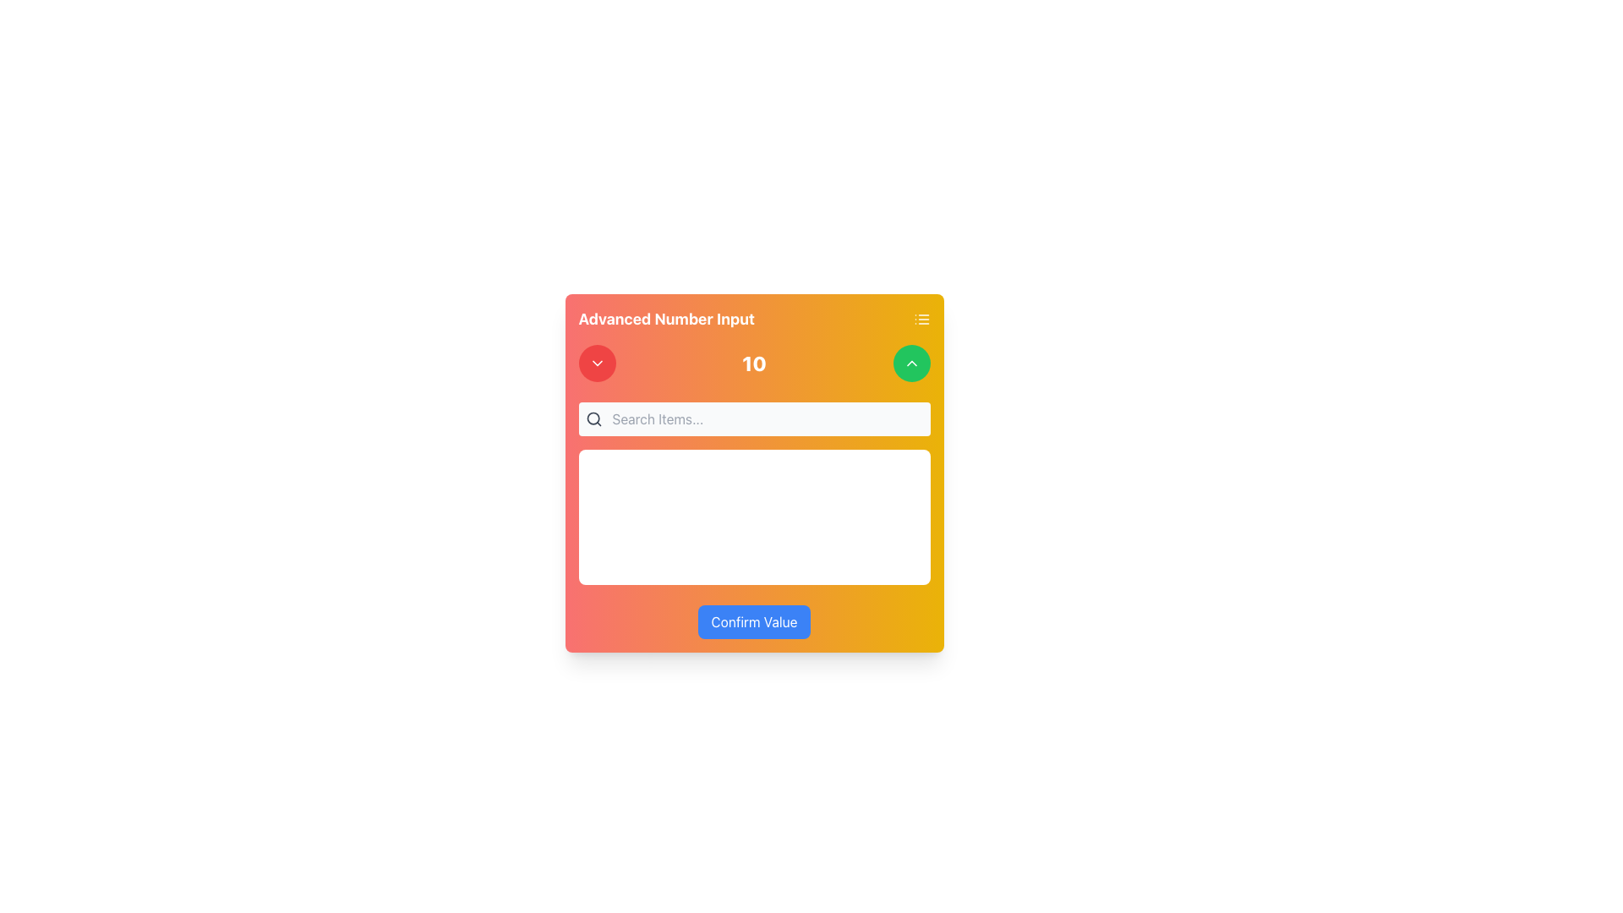 The image size is (1623, 913). What do you see at coordinates (597, 362) in the screenshot?
I see `the icon located in the red circular button in the top-left corner beneath the 'Advanced Number Input' header` at bounding box center [597, 362].